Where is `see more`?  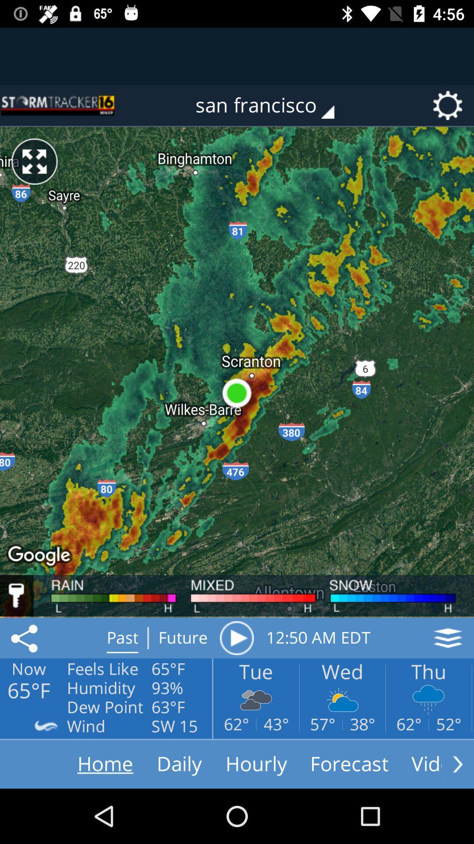 see more is located at coordinates (457, 764).